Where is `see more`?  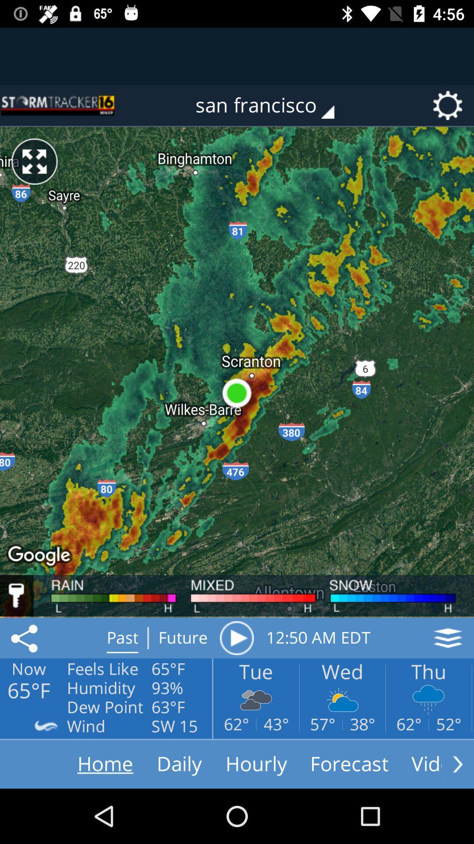 see more is located at coordinates (457, 764).